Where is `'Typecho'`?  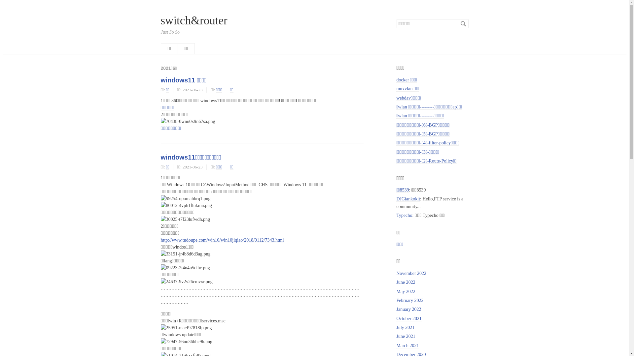 'Typecho' is located at coordinates (404, 216).